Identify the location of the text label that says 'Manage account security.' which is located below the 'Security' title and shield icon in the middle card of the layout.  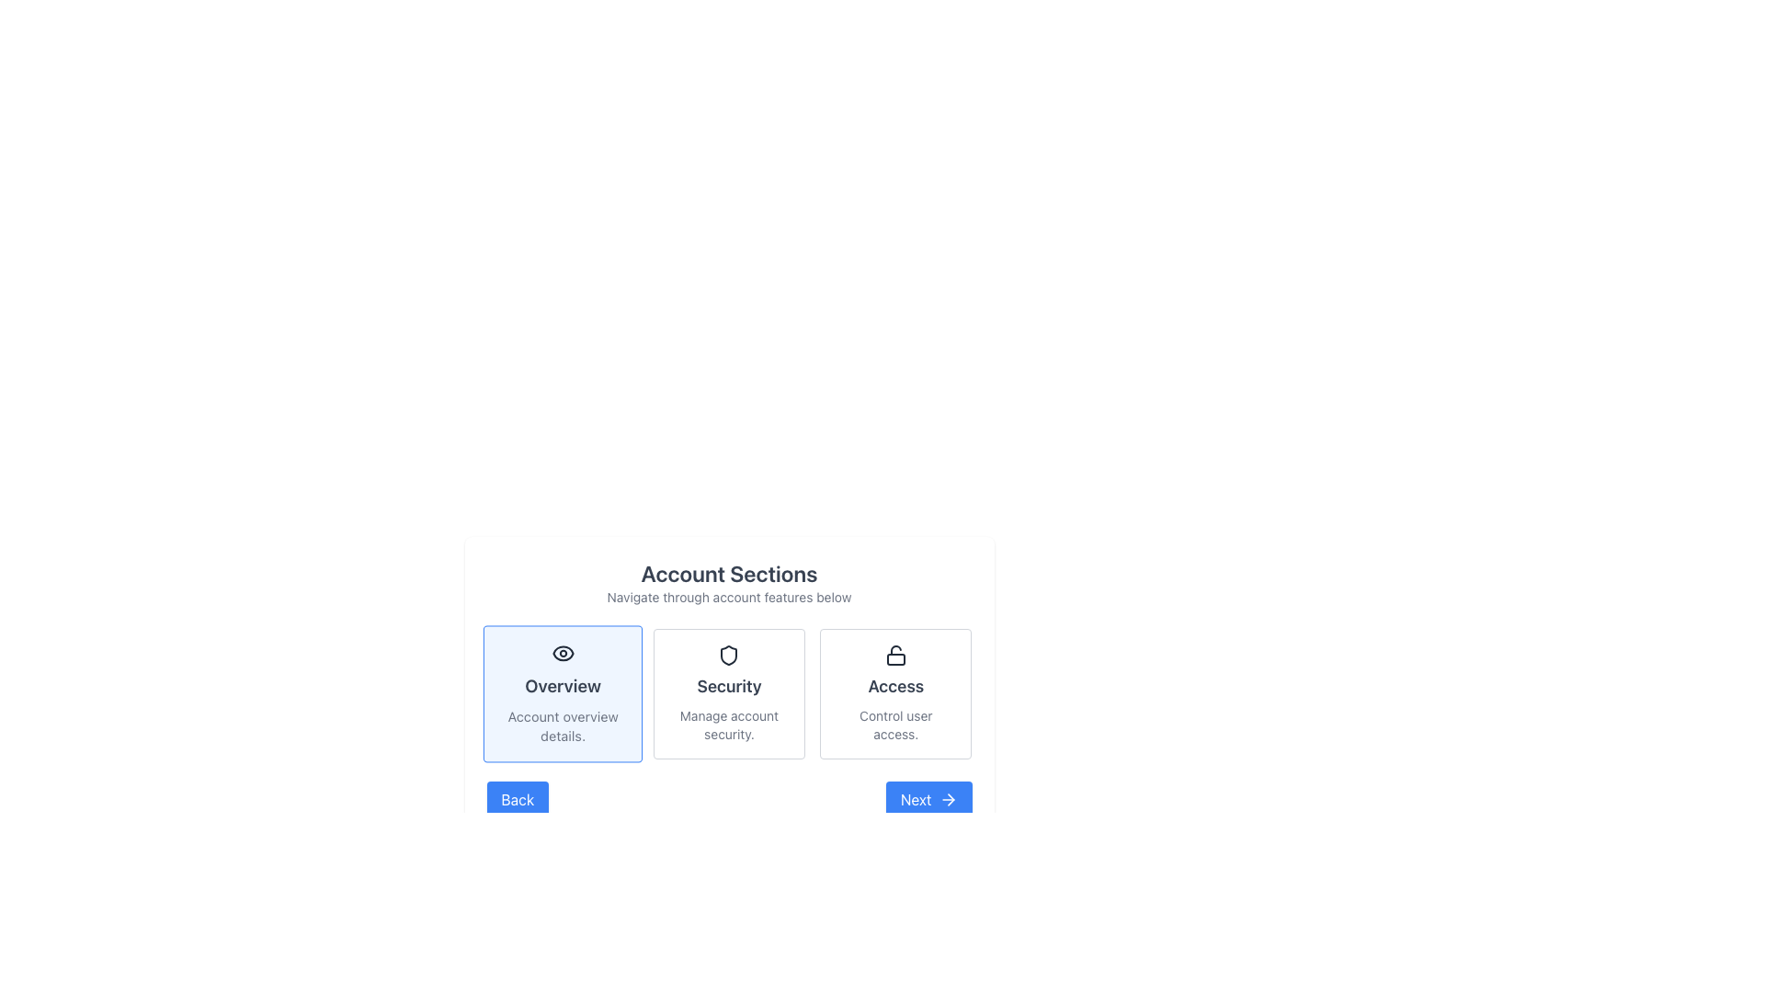
(728, 725).